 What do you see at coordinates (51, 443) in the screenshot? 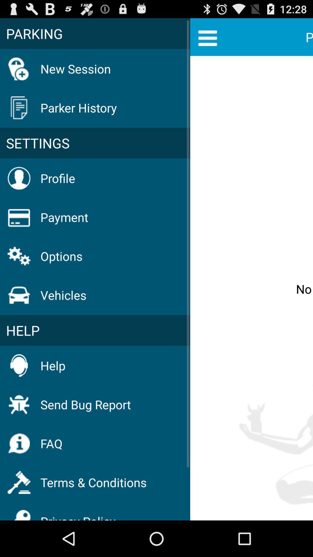
I see `the faq item` at bounding box center [51, 443].